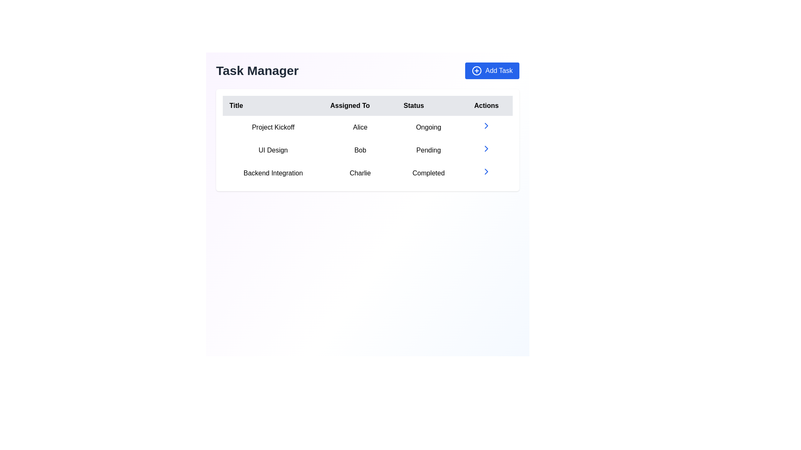 The width and height of the screenshot is (801, 450). What do you see at coordinates (486, 125) in the screenshot?
I see `the button icon associated with the 'Project Kickoff' task in the first row of the task list` at bounding box center [486, 125].